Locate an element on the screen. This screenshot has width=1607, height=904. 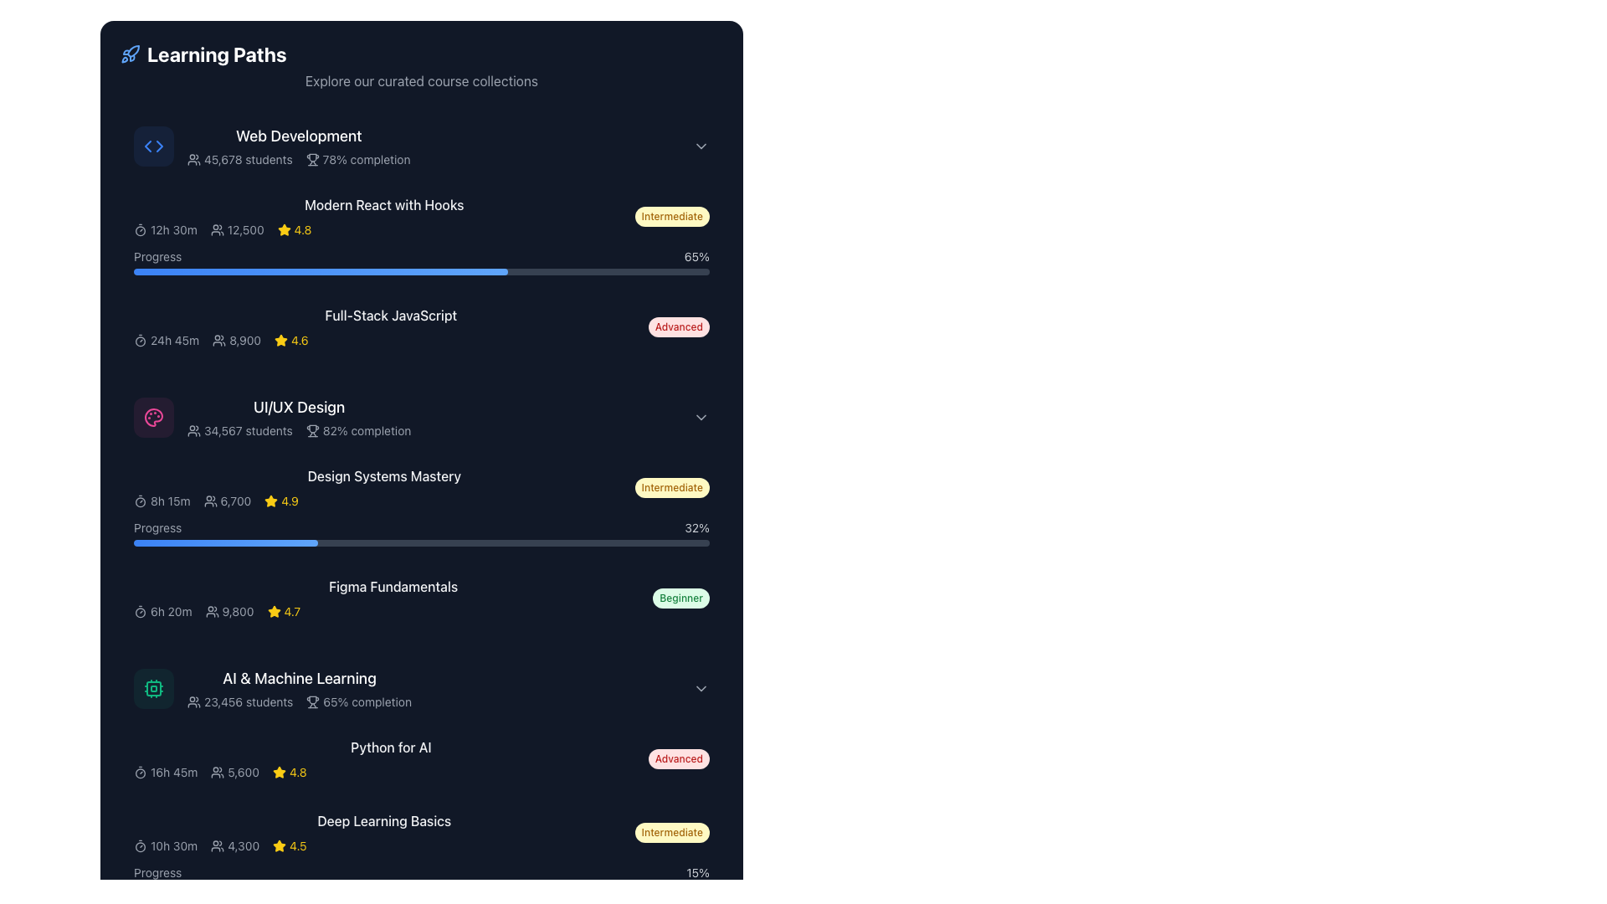
the 'AI & Machine Learning' icon located at the top-left corner of its card, which is highlighted with a green circular background is located at coordinates (153, 688).